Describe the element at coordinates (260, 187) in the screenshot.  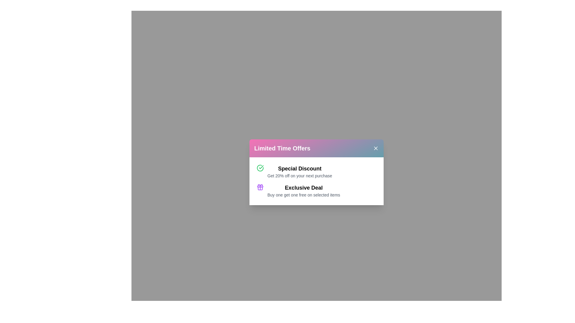
I see `the Exclusive Deal icon to interact with it` at that location.